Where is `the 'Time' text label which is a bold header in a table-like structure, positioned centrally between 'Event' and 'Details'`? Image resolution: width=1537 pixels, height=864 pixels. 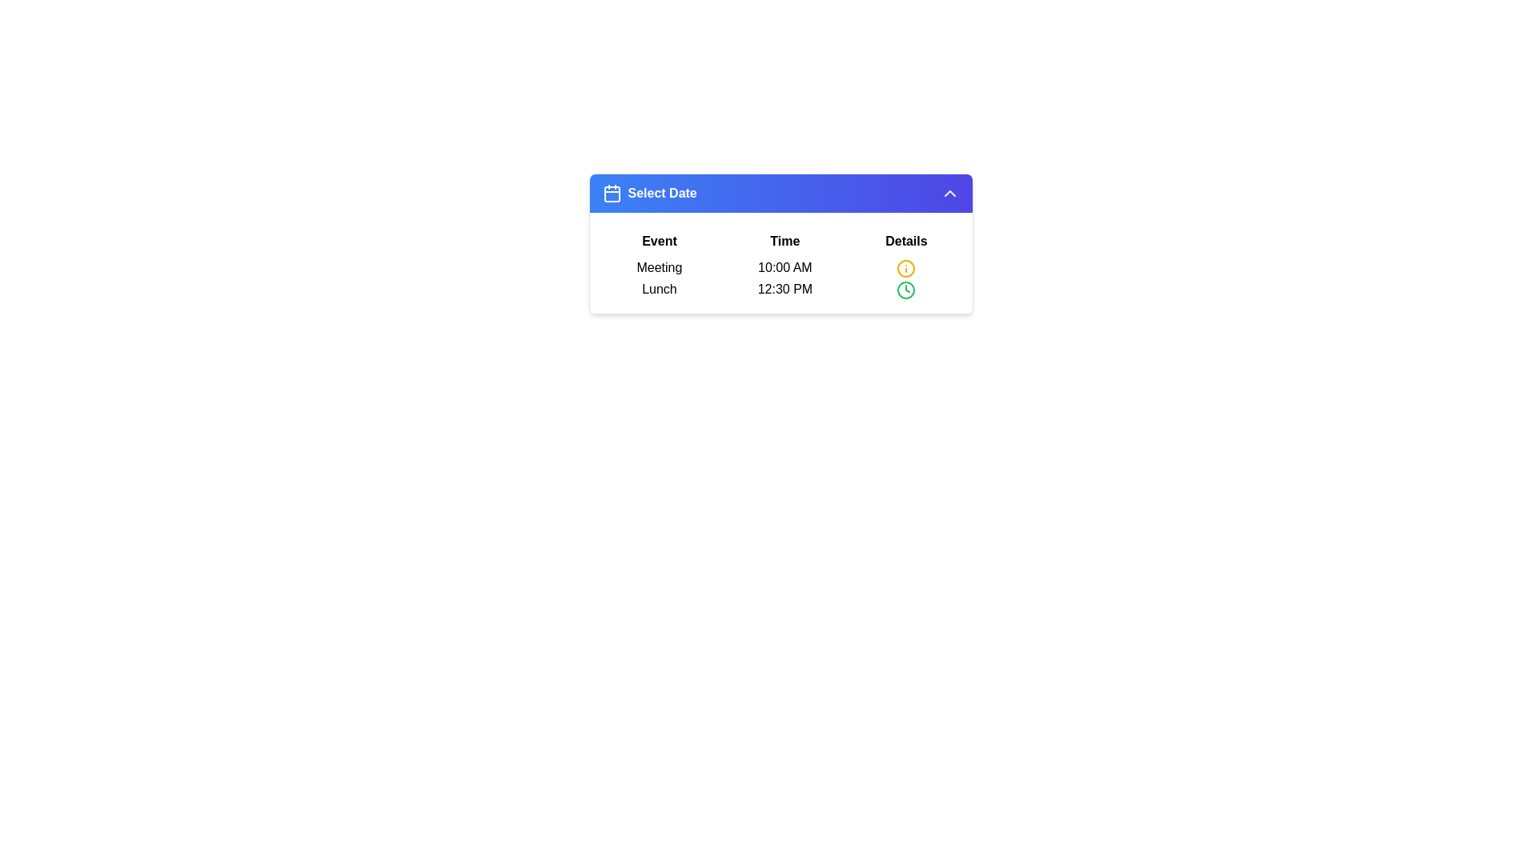 the 'Time' text label which is a bold header in a table-like structure, positioned centrally between 'Event' and 'Details' is located at coordinates (781, 243).